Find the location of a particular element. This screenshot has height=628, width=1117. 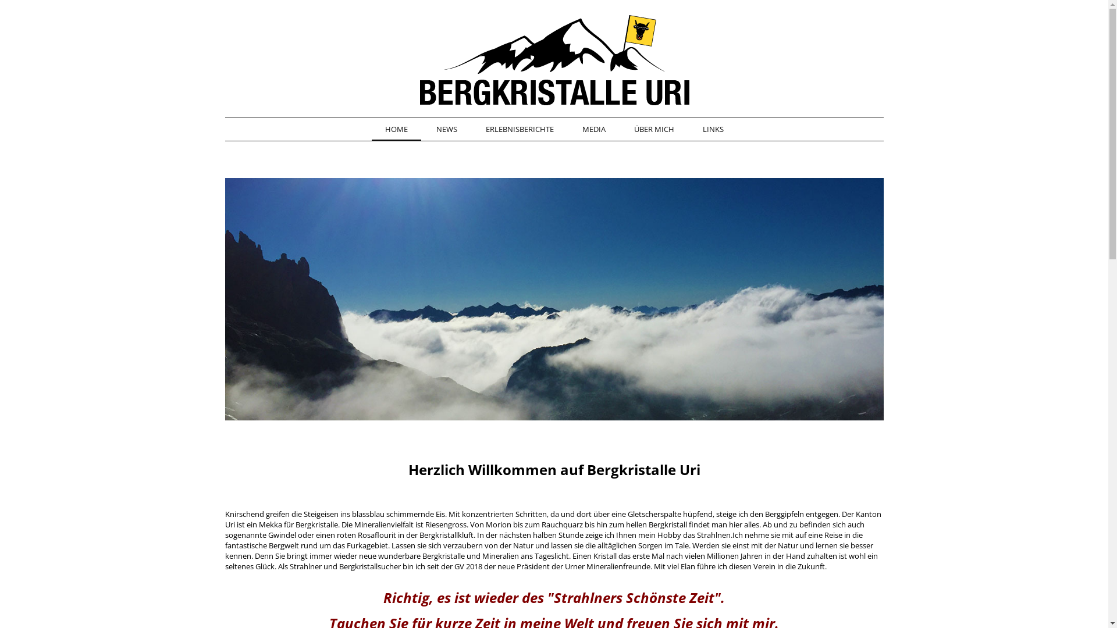

'LINKS' is located at coordinates (689, 130).